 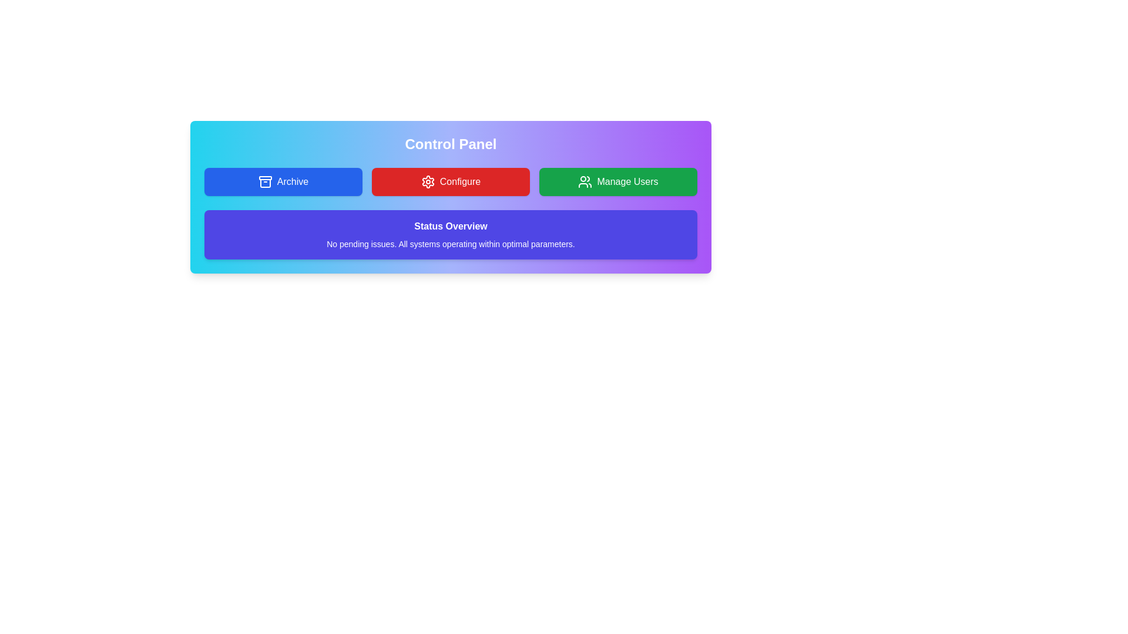 What do you see at coordinates (585, 181) in the screenshot?
I see `the 'Manage Users' icon, which is the third button from the left in the control panel layout, to manage user-related settings or actions` at bounding box center [585, 181].